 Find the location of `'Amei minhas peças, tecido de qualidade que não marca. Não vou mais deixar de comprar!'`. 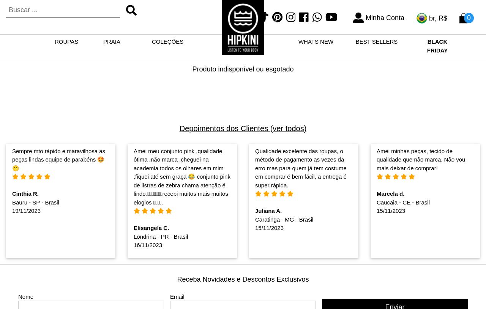

'Amei minhas peças, tecido de qualidade que não marca. Não vou mais deixar de comprar!' is located at coordinates (376, 159).